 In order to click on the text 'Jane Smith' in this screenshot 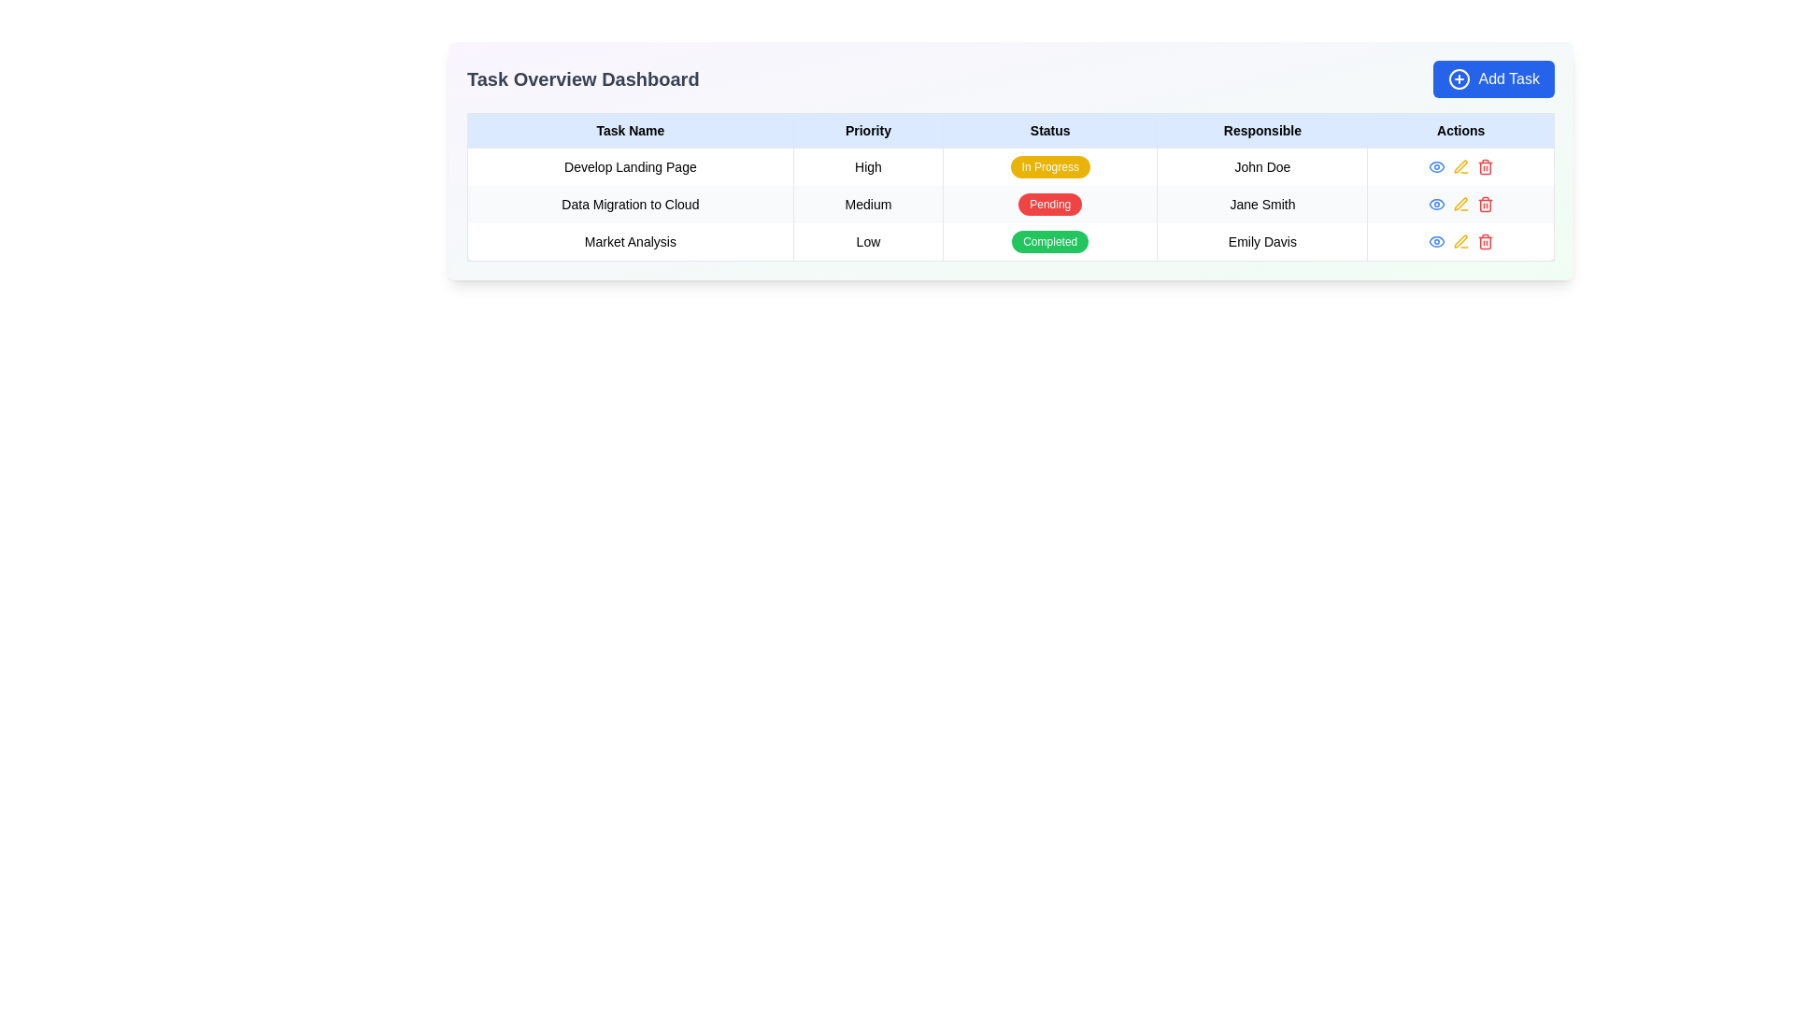, I will do `click(1262, 205)`.